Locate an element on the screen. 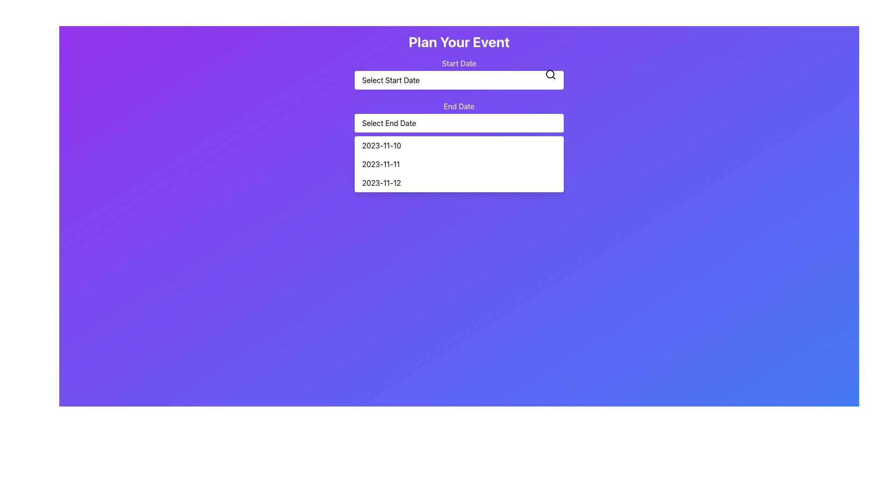  the magnifying glass icon located at the top-right corner of the 'Select Start Date' input box to possibly display a tooltip is located at coordinates (551, 74).